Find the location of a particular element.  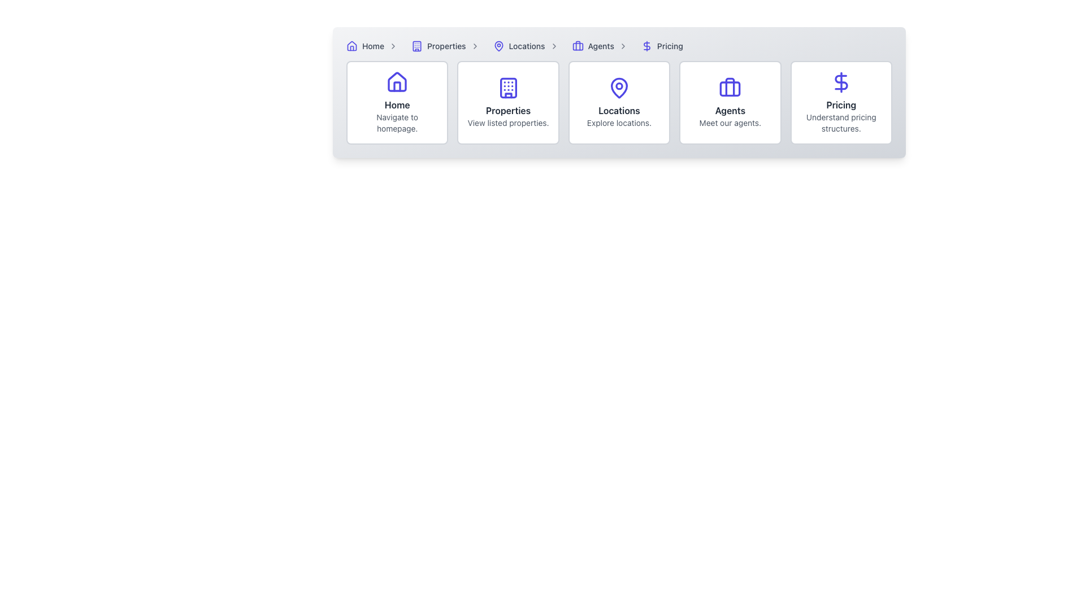

the decorative graphical shape that is a rectangular element with rounded corners within the 'Agents' icon depicting a briefcase is located at coordinates (730, 88).